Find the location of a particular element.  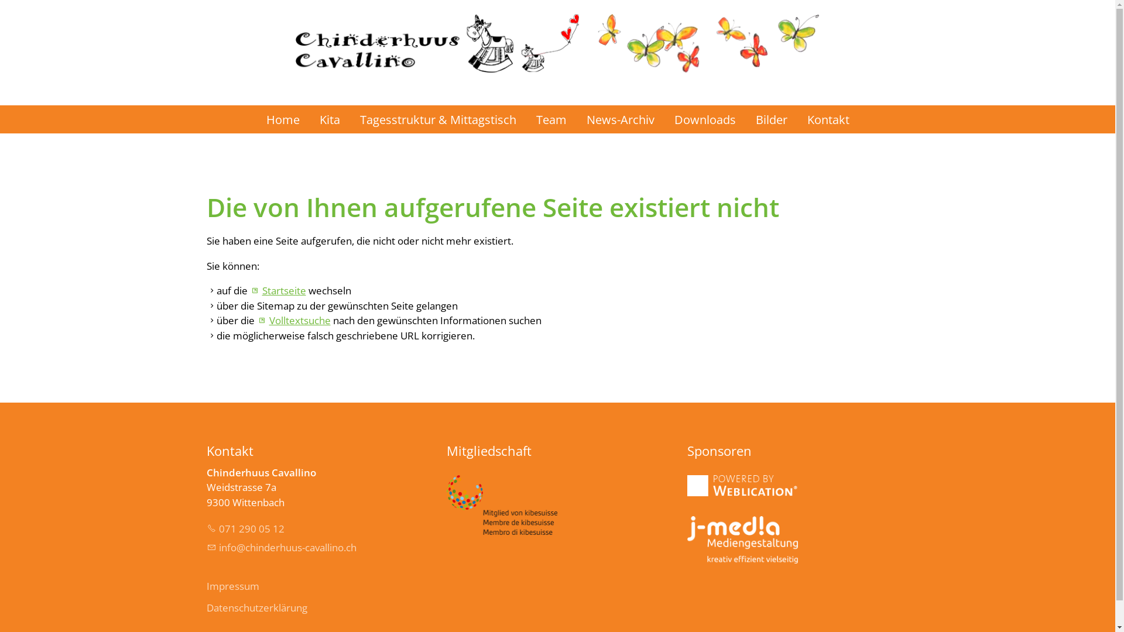

'Tagesstruktur & Mittagstisch' is located at coordinates (349, 119).